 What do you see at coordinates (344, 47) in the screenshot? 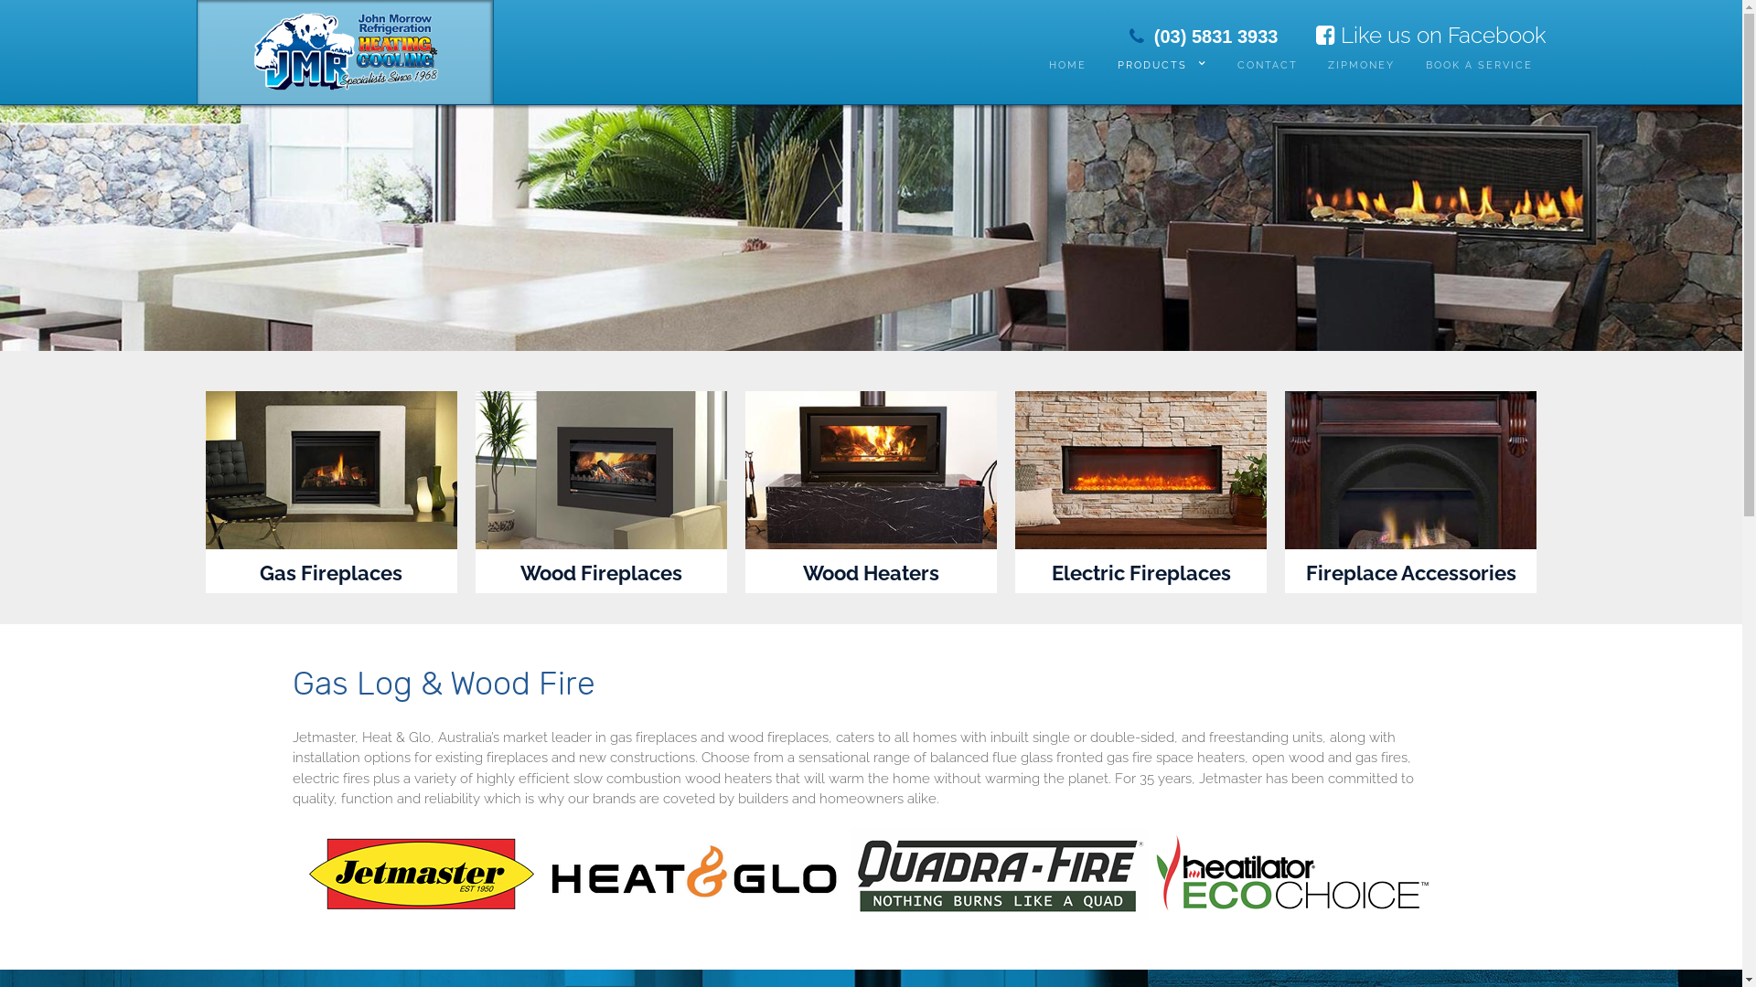
I see `'JMR'` at bounding box center [344, 47].